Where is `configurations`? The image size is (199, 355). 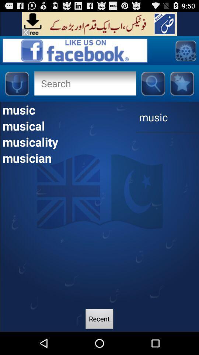 configurations is located at coordinates (185, 50).